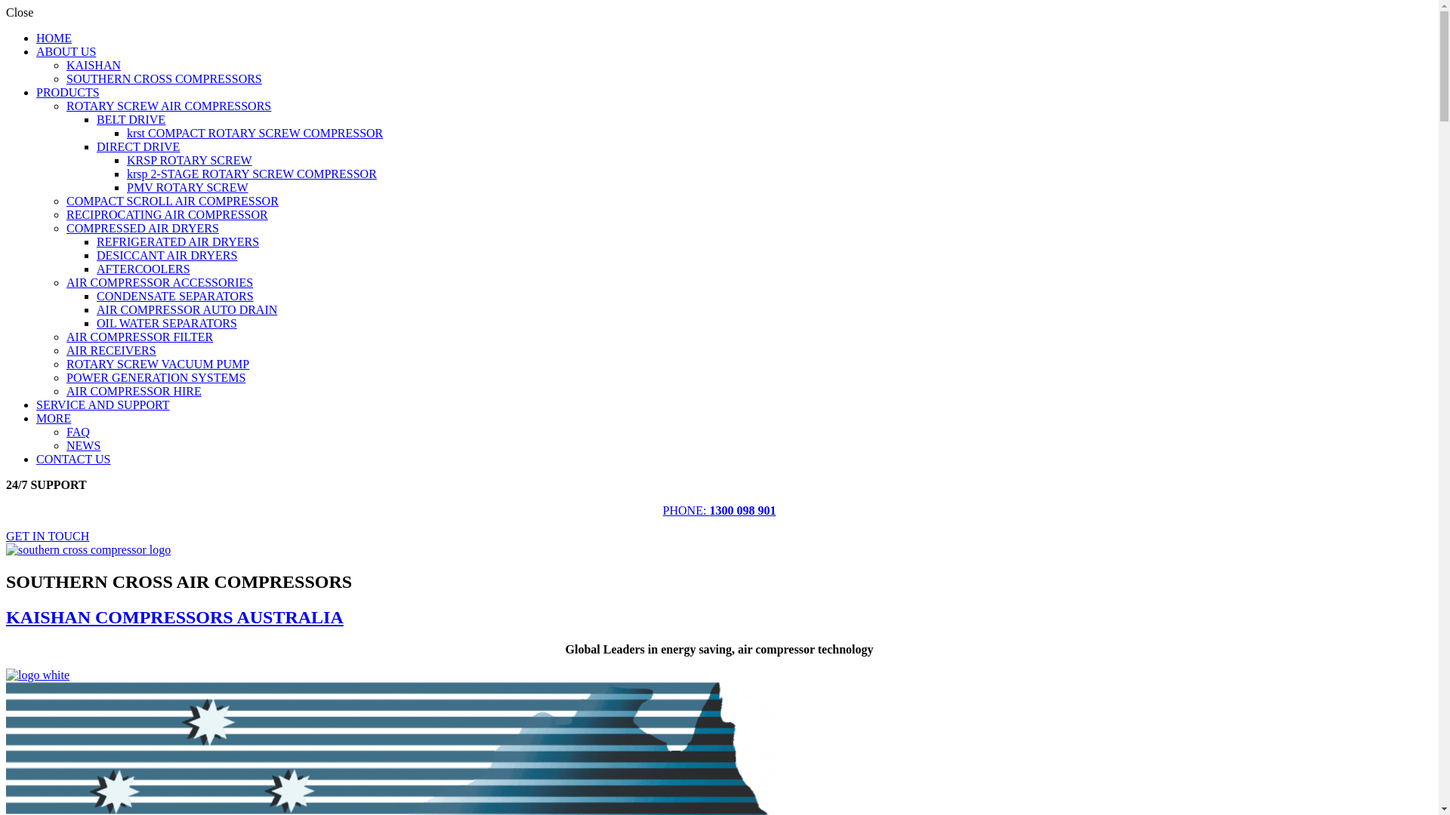 This screenshot has height=815, width=1450. I want to click on 'KAISHAN', so click(93, 64).